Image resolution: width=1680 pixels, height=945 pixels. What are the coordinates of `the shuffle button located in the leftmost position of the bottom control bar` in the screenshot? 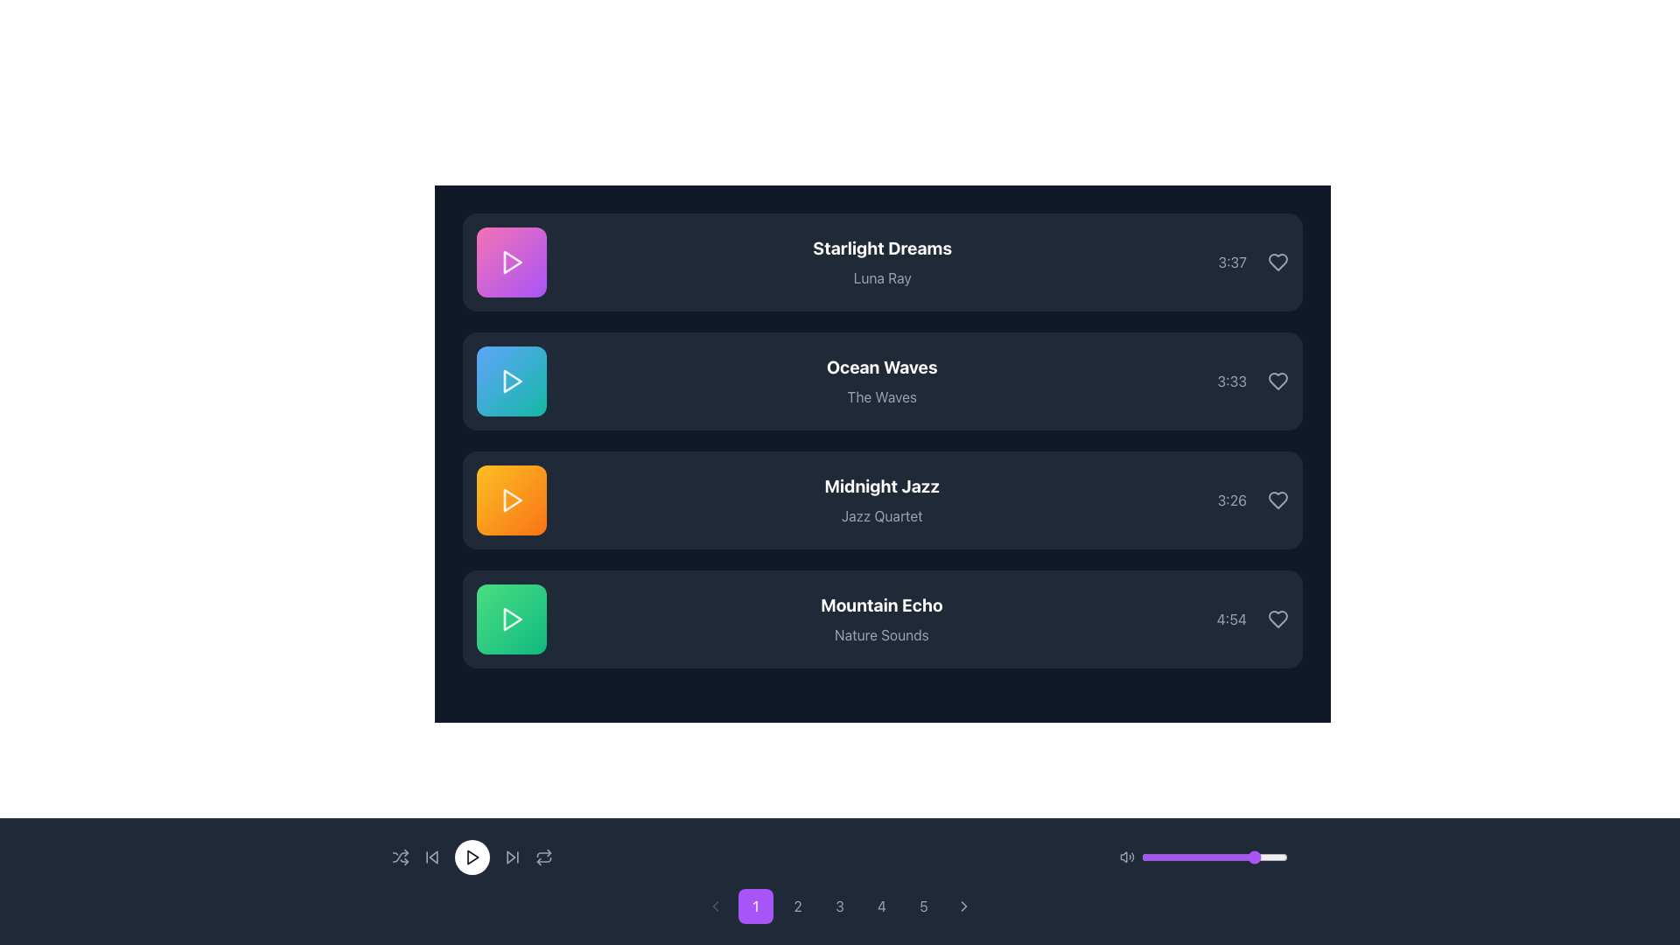 It's located at (399, 856).